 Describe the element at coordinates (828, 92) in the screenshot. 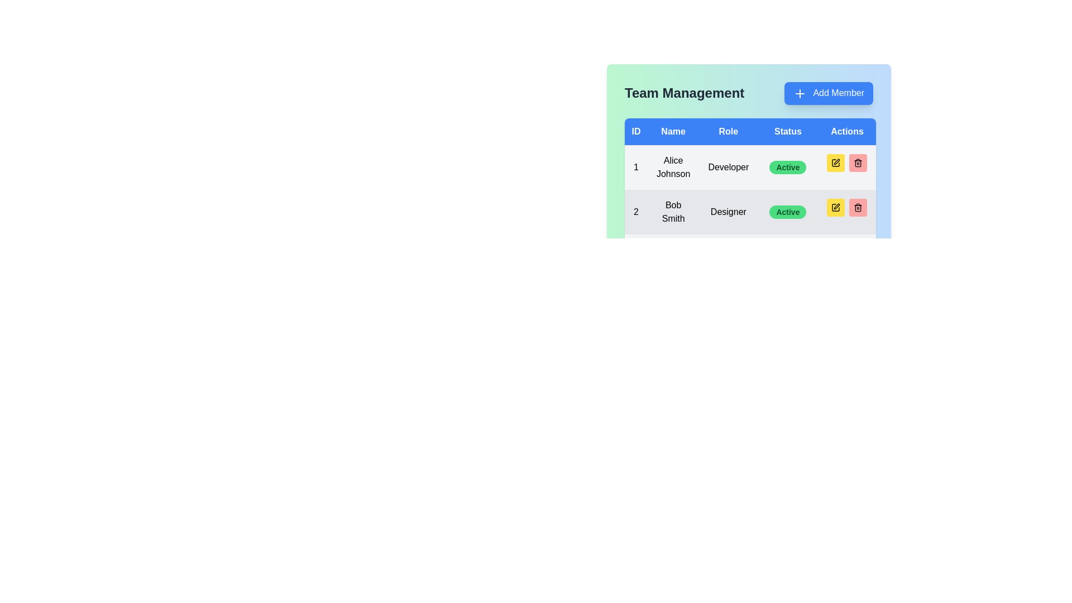

I see `the blue button with rounded corners labeled 'Add Member'` at that location.